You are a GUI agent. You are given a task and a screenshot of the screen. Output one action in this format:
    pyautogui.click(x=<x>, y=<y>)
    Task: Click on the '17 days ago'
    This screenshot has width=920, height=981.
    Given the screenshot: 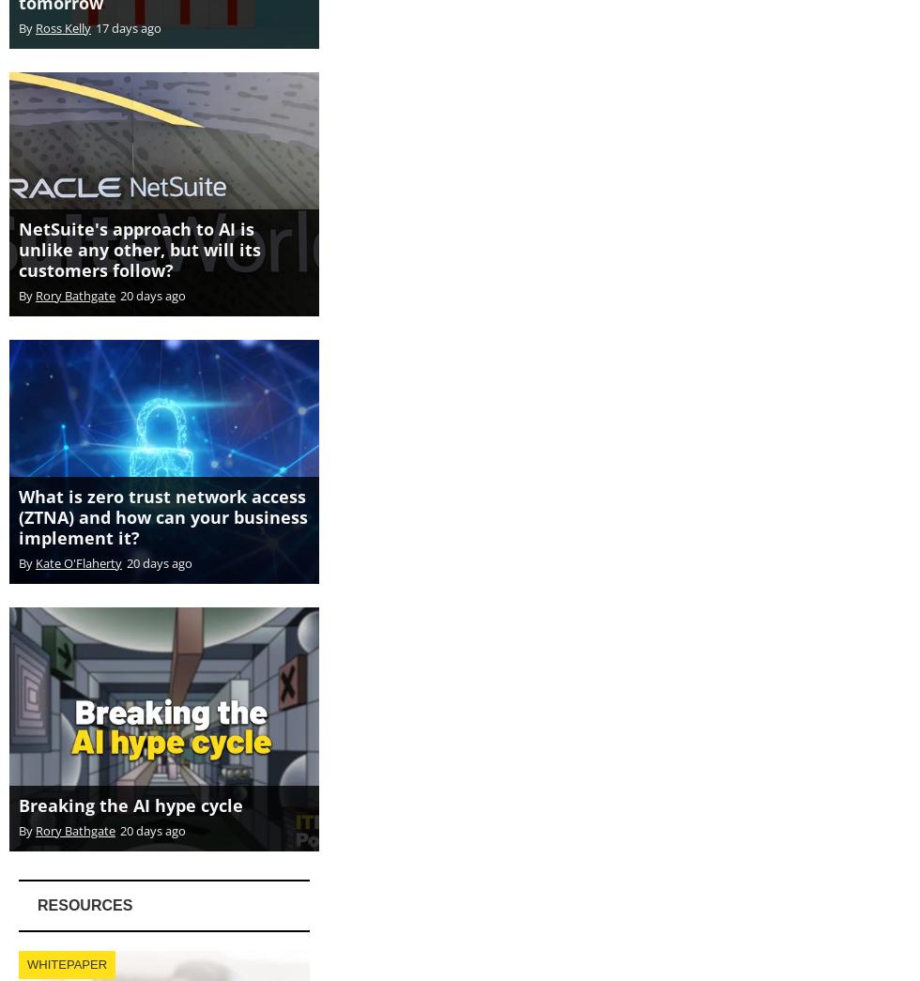 What is the action you would take?
    pyautogui.click(x=129, y=7)
    